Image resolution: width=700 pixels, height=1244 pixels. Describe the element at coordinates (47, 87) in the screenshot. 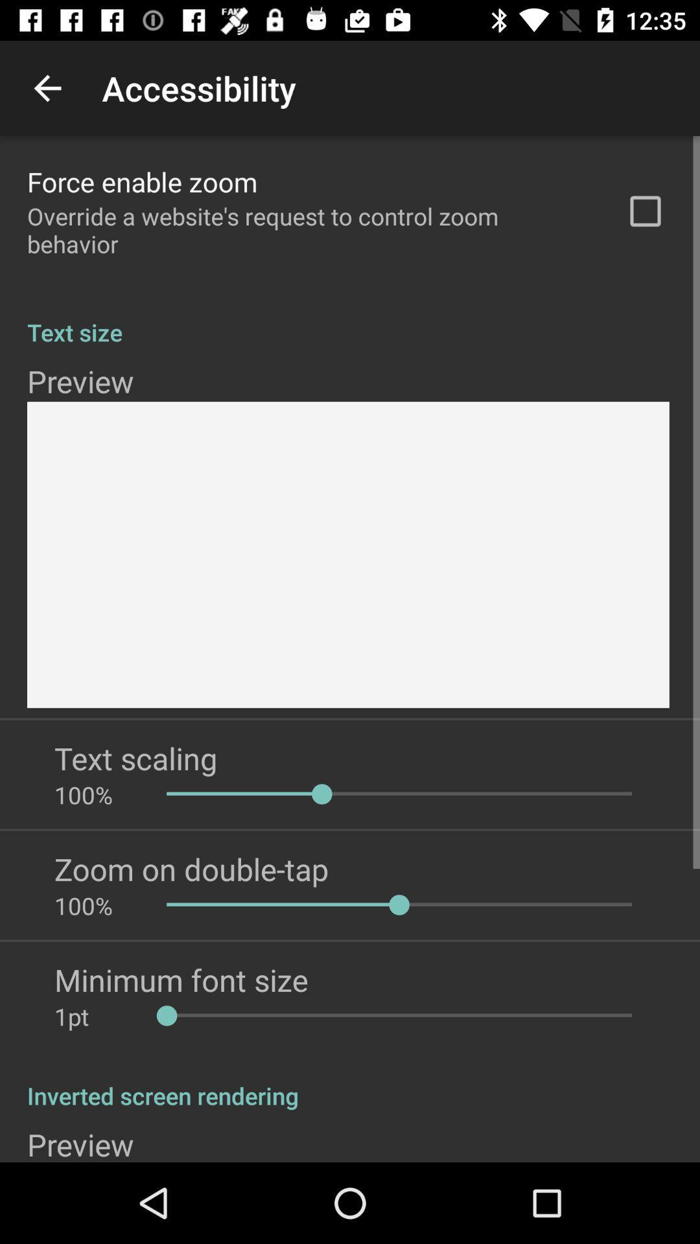

I see `the item to the left of the accessibility` at that location.